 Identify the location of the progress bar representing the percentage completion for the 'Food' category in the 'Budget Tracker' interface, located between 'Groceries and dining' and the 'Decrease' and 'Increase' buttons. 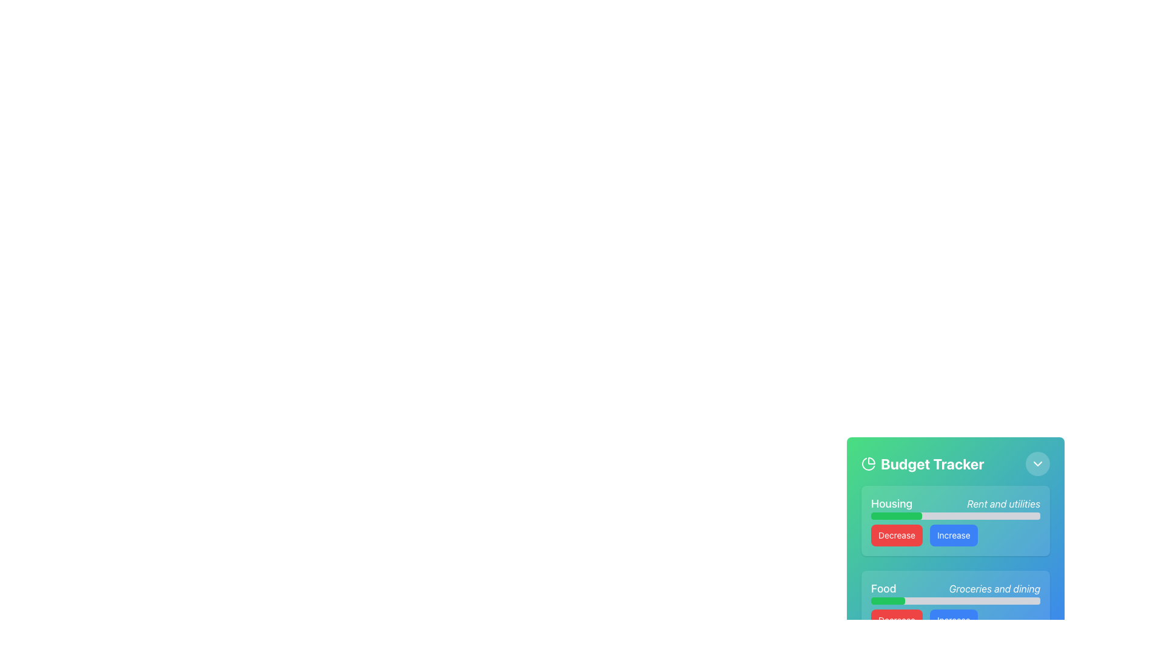
(955, 601).